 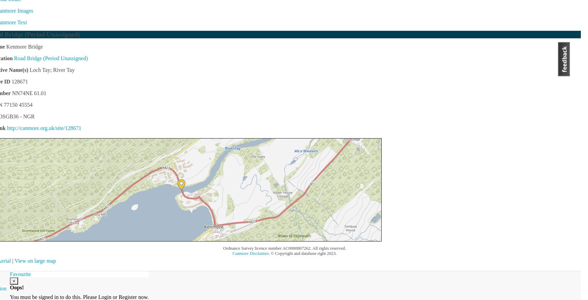 What do you see at coordinates (28, 69) in the screenshot?
I see `'Loch Tay; River Tay'` at bounding box center [28, 69].